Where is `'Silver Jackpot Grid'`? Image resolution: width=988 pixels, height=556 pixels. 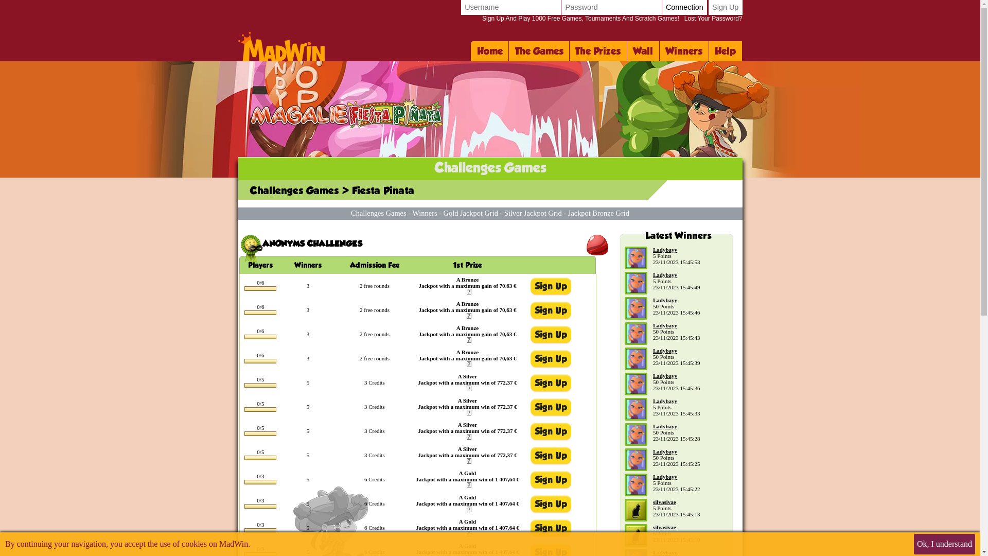 'Silver Jackpot Grid' is located at coordinates (504, 212).